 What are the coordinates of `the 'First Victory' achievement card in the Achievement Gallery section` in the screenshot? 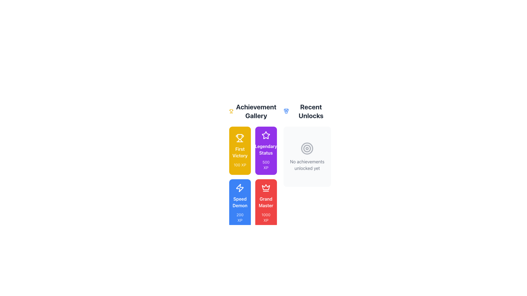 It's located at (240, 151).